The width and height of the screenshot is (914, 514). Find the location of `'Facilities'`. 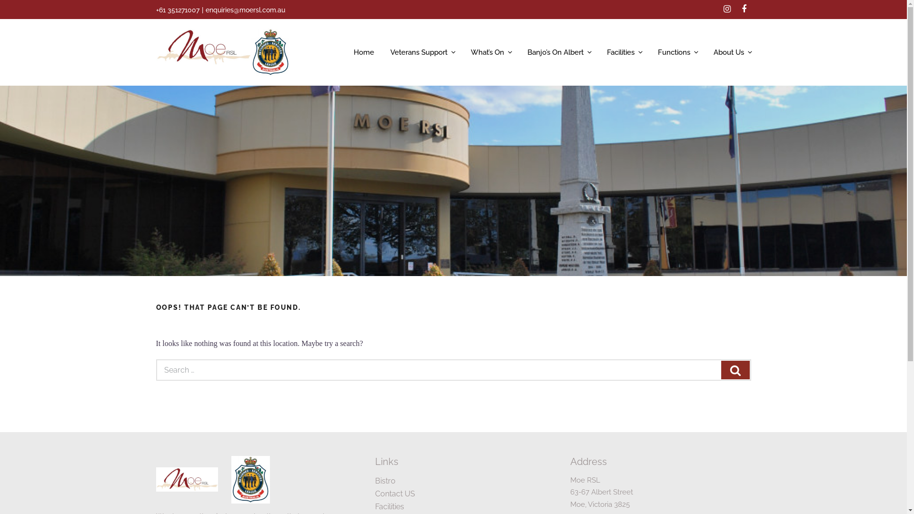

'Facilities' is located at coordinates (389, 506).